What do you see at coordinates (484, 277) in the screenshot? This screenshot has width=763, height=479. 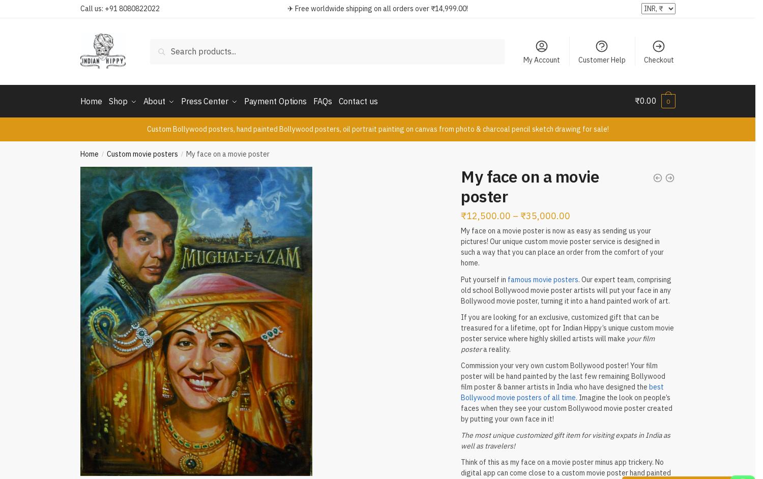 I see `'Put yourself in'` at bounding box center [484, 277].